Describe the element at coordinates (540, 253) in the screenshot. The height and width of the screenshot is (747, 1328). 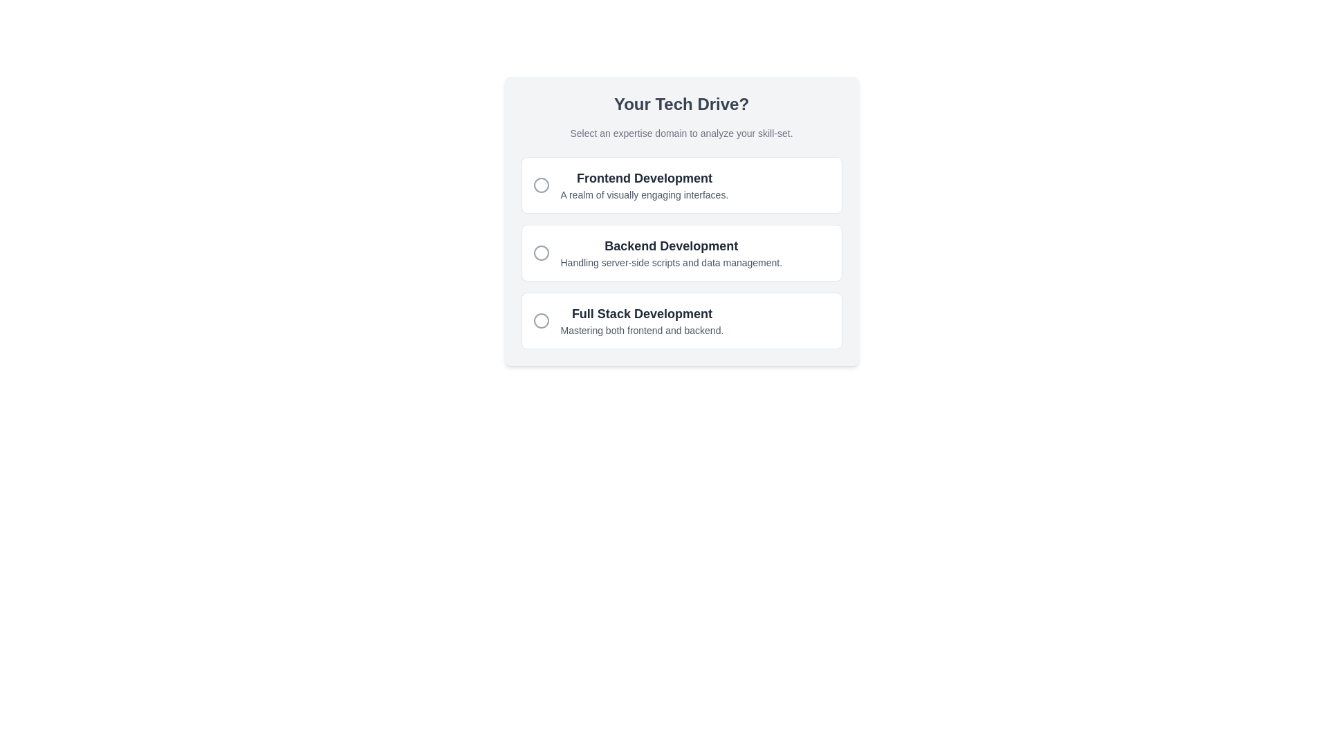
I see `the Circle icon that functions as a radio button, positioned to the left of the 'Backend Development' label` at that location.